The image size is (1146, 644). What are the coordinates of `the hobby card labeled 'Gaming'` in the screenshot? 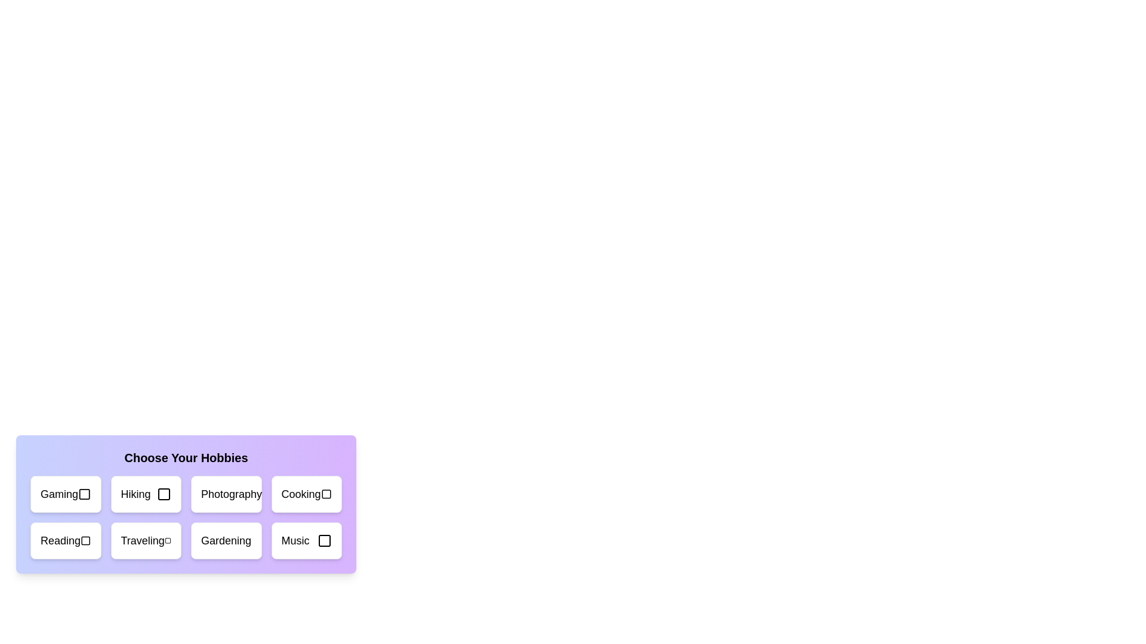 It's located at (65, 494).